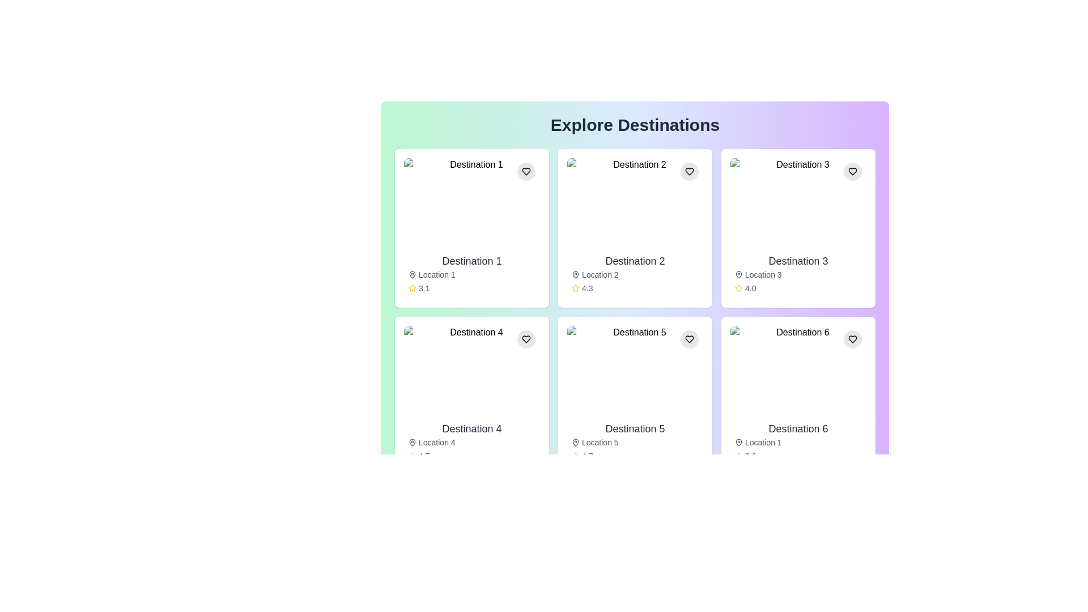 This screenshot has height=612, width=1088. I want to click on the yellow star icon, which serves as a rating indicator, located next to the numerical rating text '4.0' in the rating section of the card for 'Destination 3', so click(739, 288).